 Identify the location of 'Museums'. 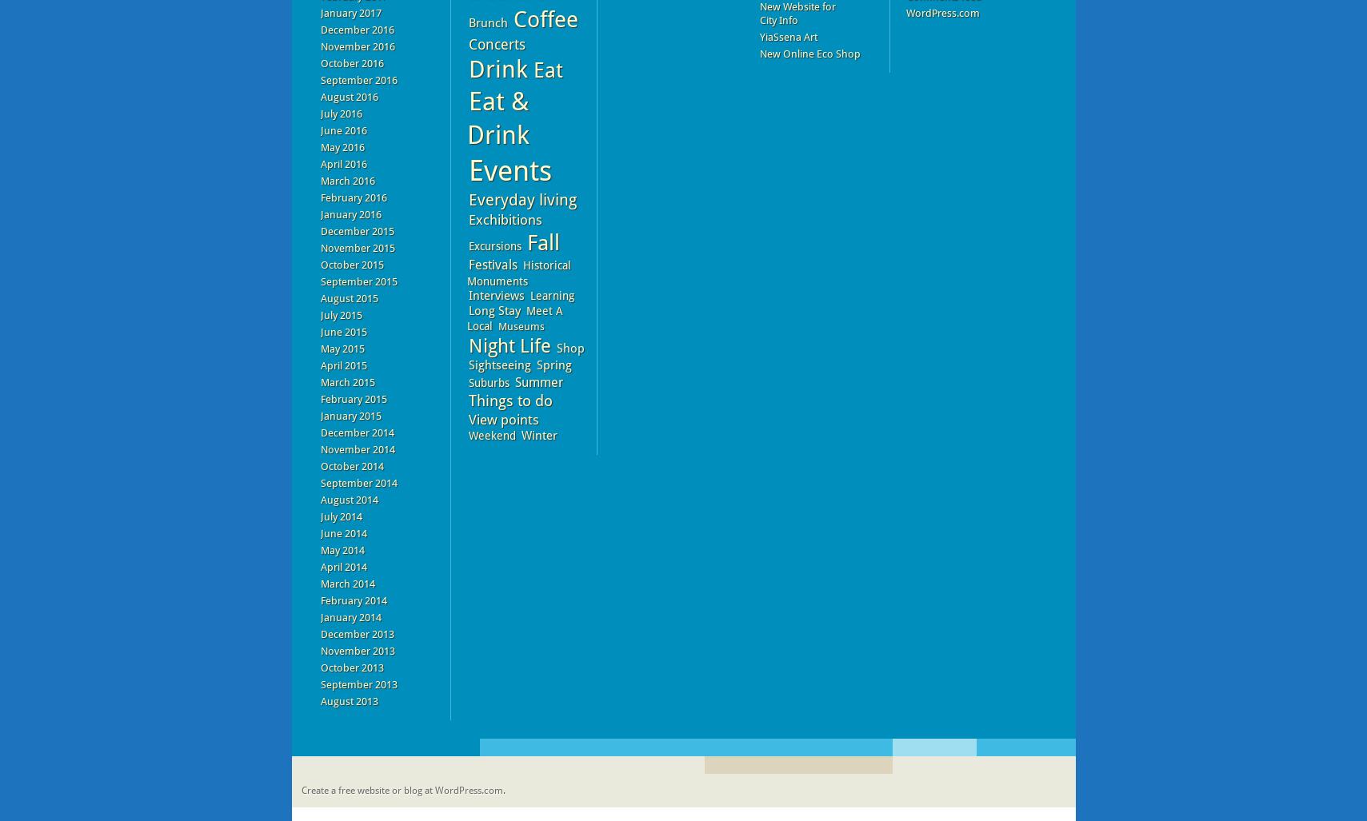
(520, 325).